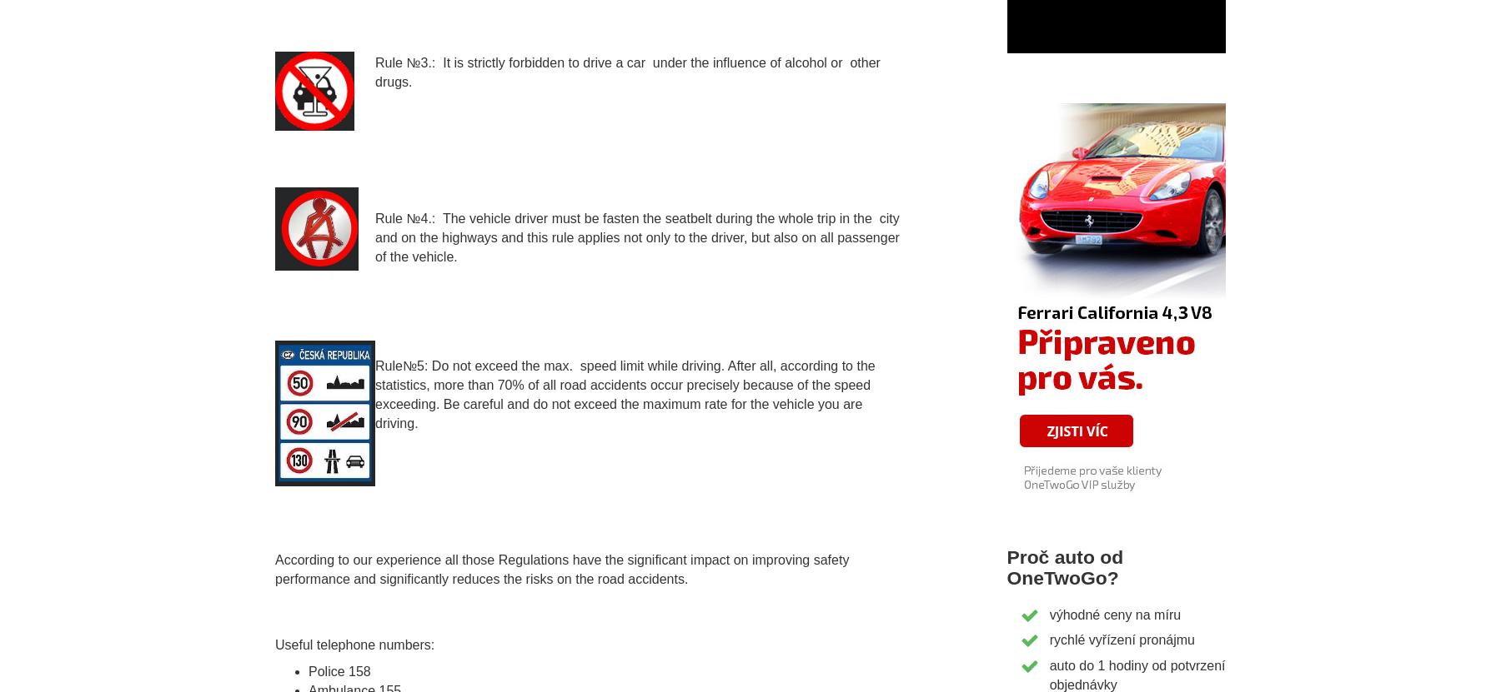 The image size is (1501, 692). What do you see at coordinates (635, 237) in the screenshot?
I see `'Rule №4.:  The vehicle driver must be fasten the seatbelt during the whole trip in the  city and on the highways and this rule applies not only to the driver, but also on all passenger of the vehicle.'` at bounding box center [635, 237].